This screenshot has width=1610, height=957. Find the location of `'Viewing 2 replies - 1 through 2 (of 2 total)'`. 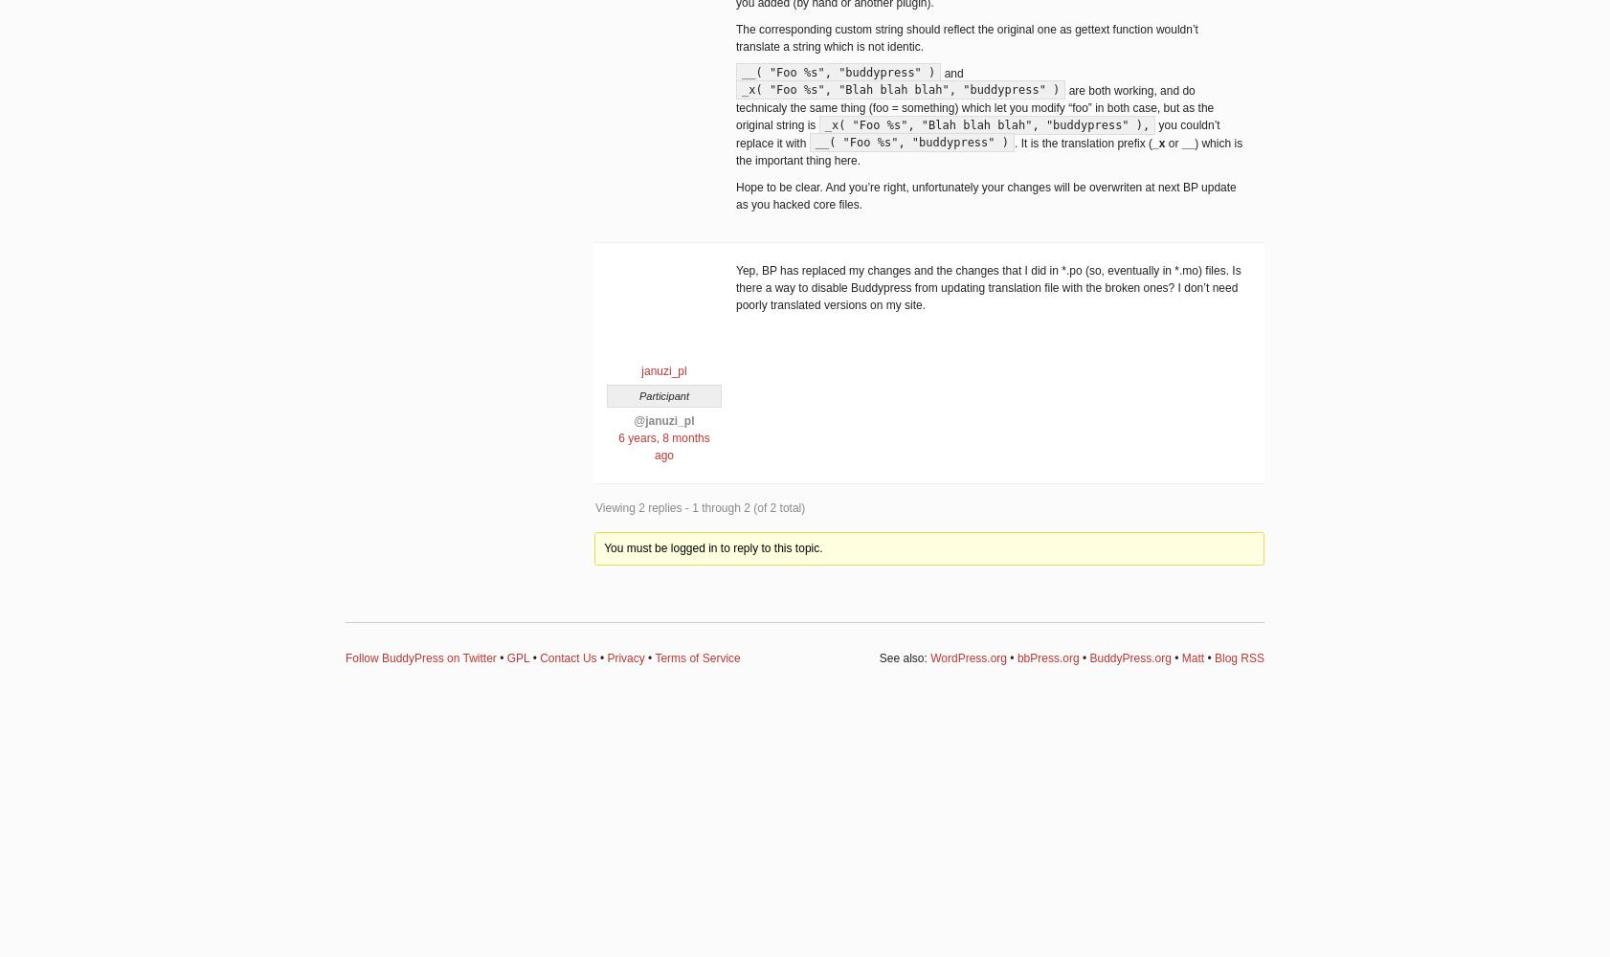

'Viewing 2 replies - 1 through 2 (of 2 total)' is located at coordinates (700, 507).